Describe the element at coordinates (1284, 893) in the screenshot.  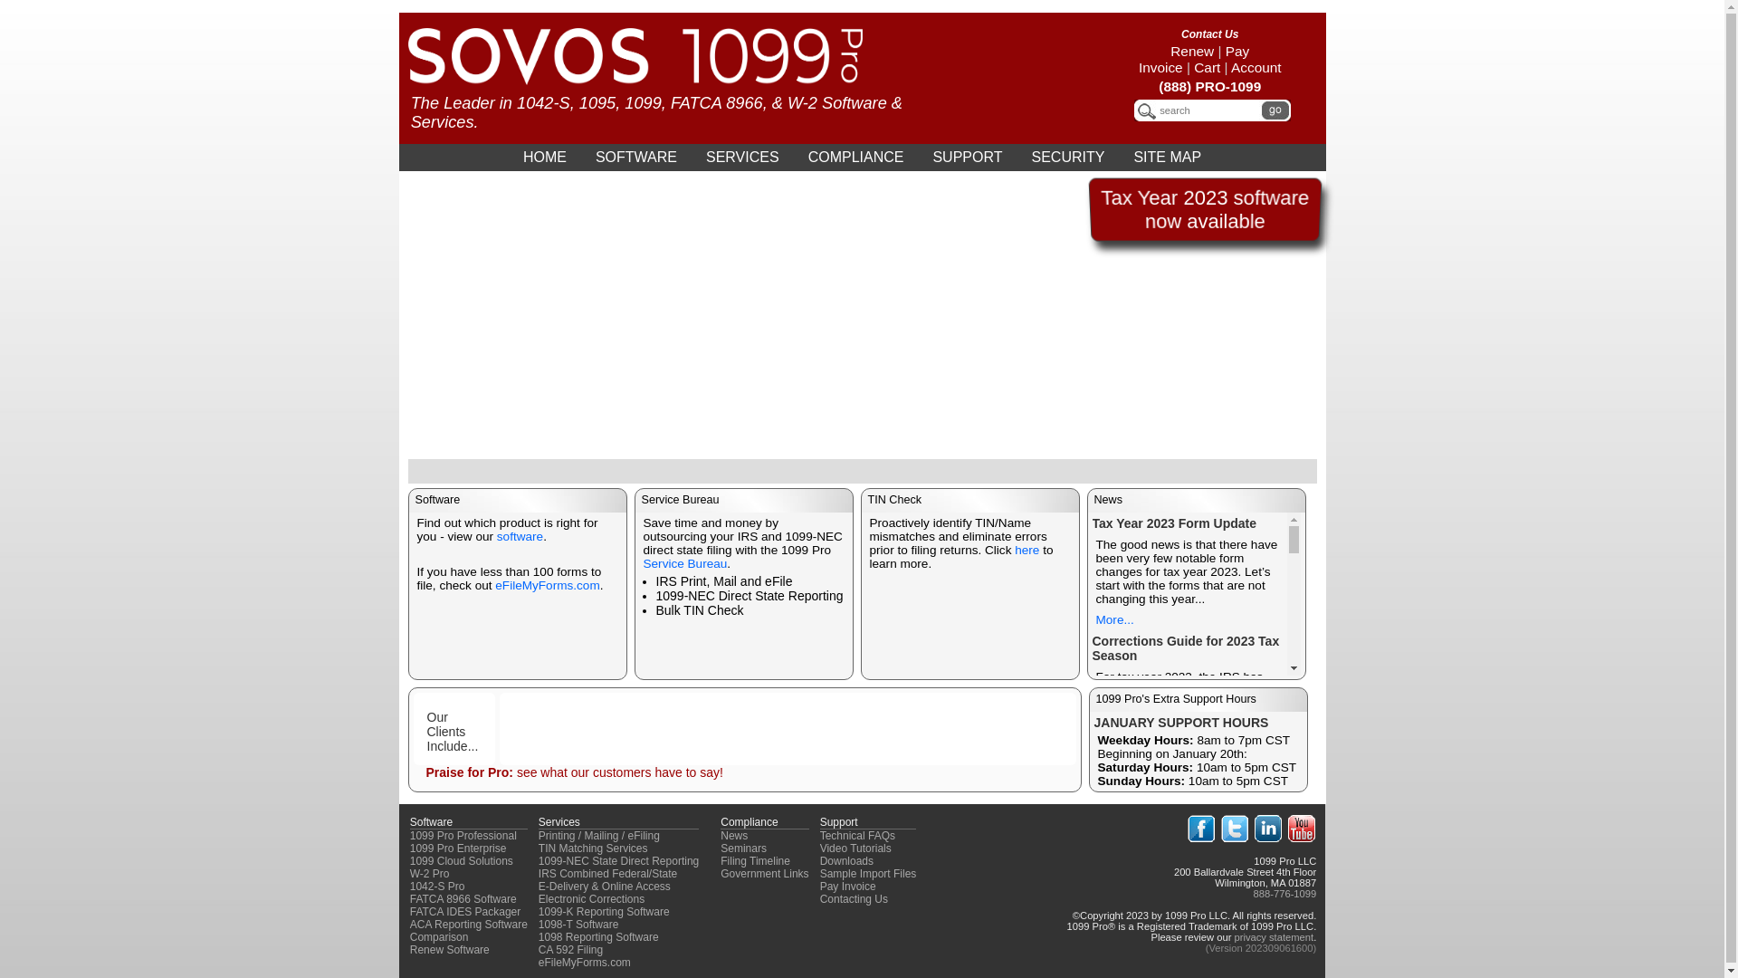
I see `'888-776-1099'` at that location.